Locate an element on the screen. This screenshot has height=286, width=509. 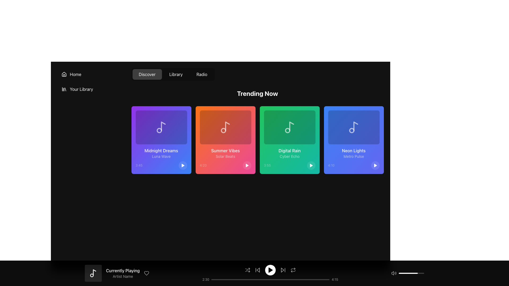
the slider value is located at coordinates (400, 273).